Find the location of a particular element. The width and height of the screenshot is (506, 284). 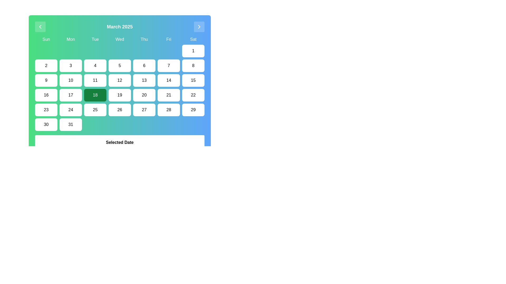

the rectangular button with rounded corners labeled '29' located in the bottom row of the calendar interface under 'Sat' is located at coordinates (193, 109).